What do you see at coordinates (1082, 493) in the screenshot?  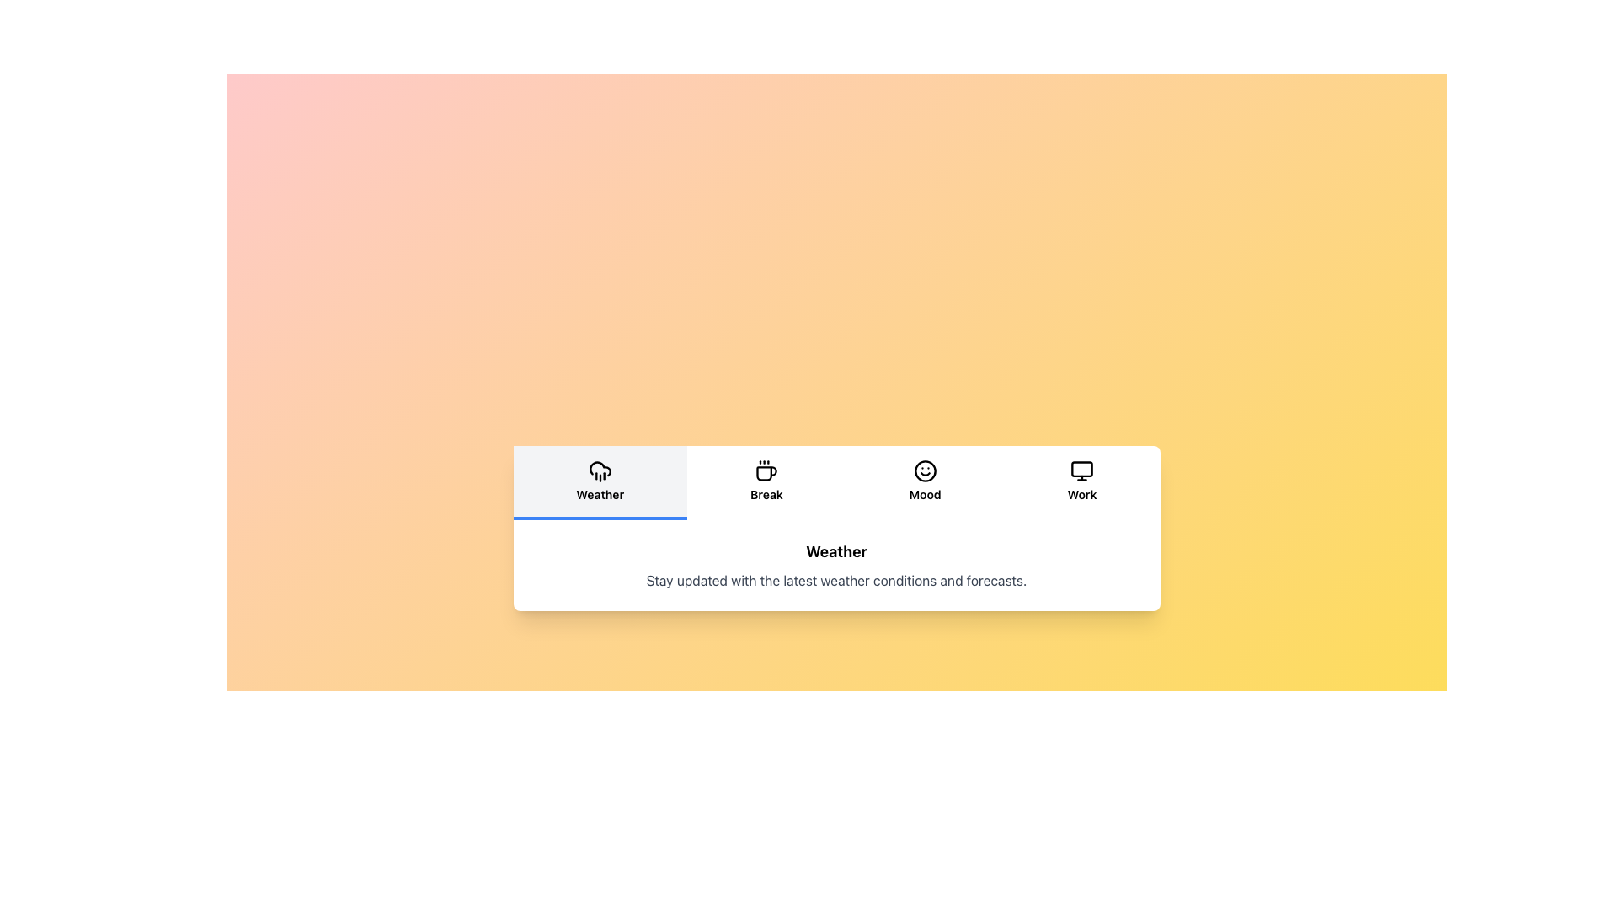 I see `the text label displaying 'Work', which is positioned beneath the computer monitor icon as the last item in a horizontal set of options` at bounding box center [1082, 493].